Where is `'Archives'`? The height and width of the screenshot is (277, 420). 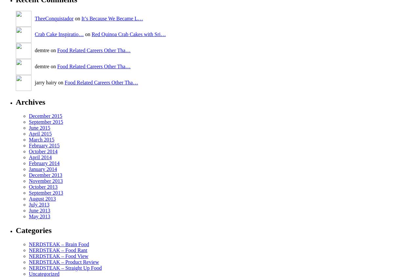
'Archives' is located at coordinates (16, 101).